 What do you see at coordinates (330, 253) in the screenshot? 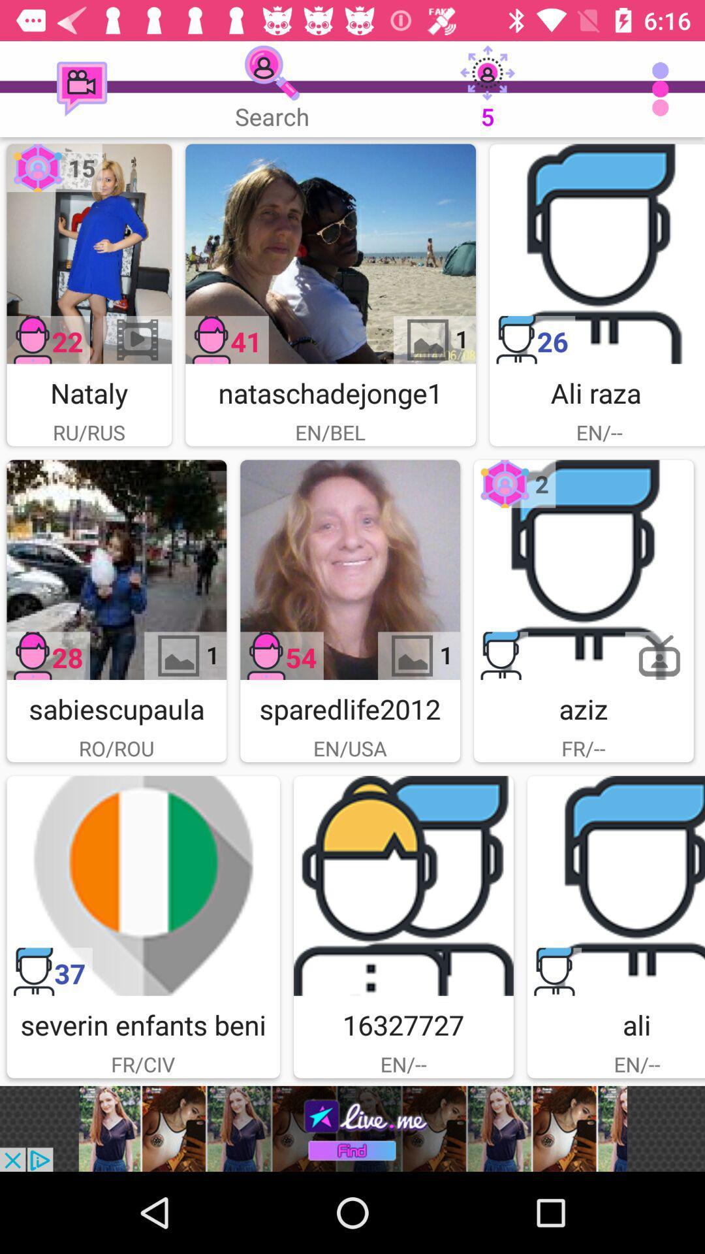
I see `open image` at bounding box center [330, 253].